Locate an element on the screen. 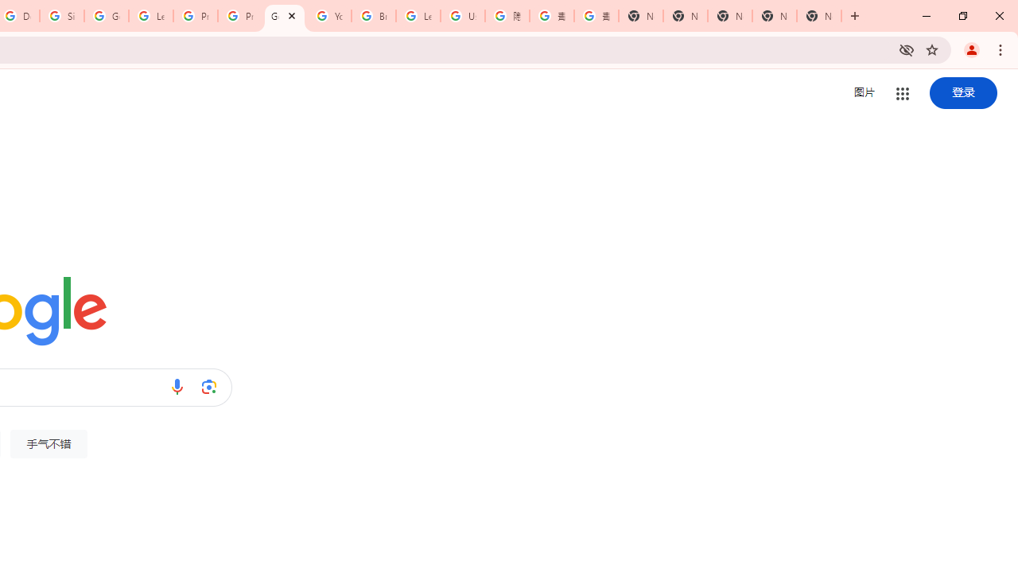 The image size is (1018, 573). 'New Tab' is located at coordinates (819, 16).